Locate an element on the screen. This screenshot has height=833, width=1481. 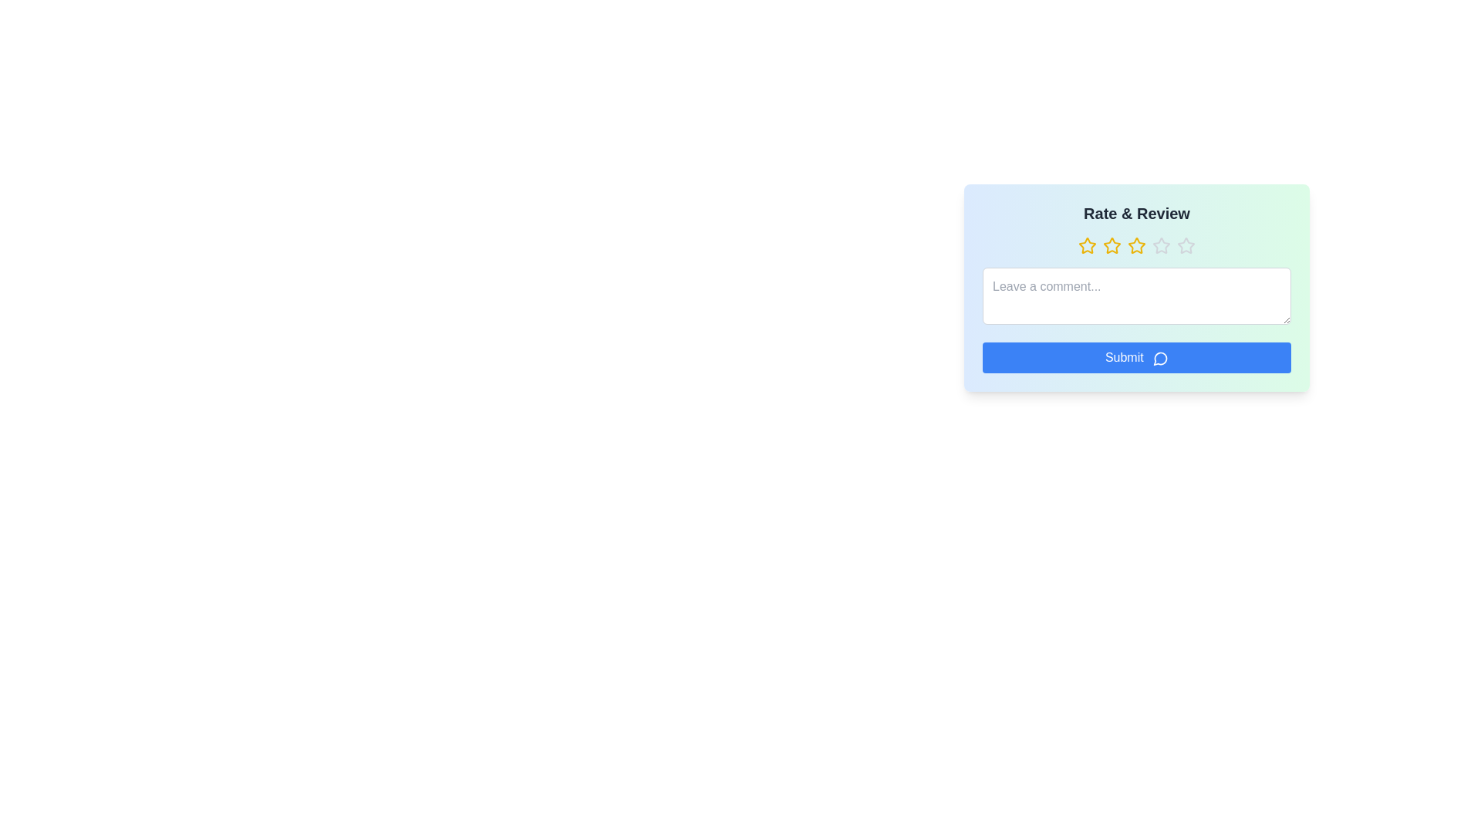
the star corresponding to the desired rating value 3 is located at coordinates (1136, 245).